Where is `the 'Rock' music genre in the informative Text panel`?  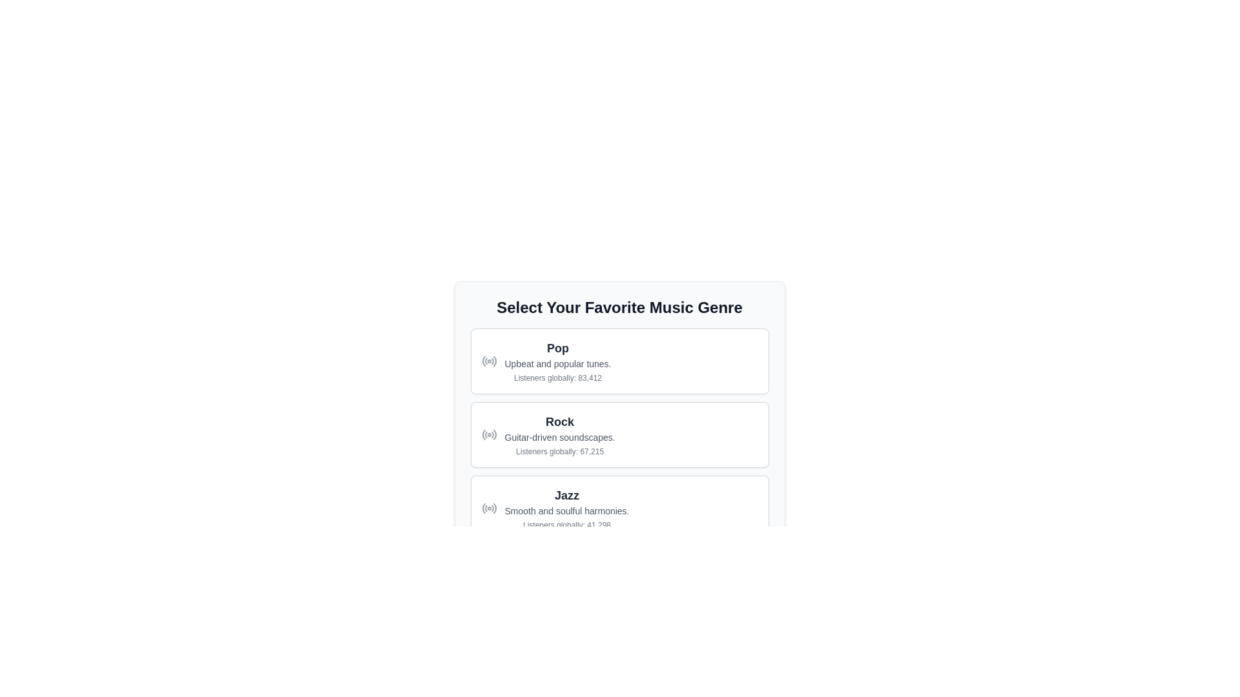 the 'Rock' music genre in the informative Text panel is located at coordinates (560, 435).